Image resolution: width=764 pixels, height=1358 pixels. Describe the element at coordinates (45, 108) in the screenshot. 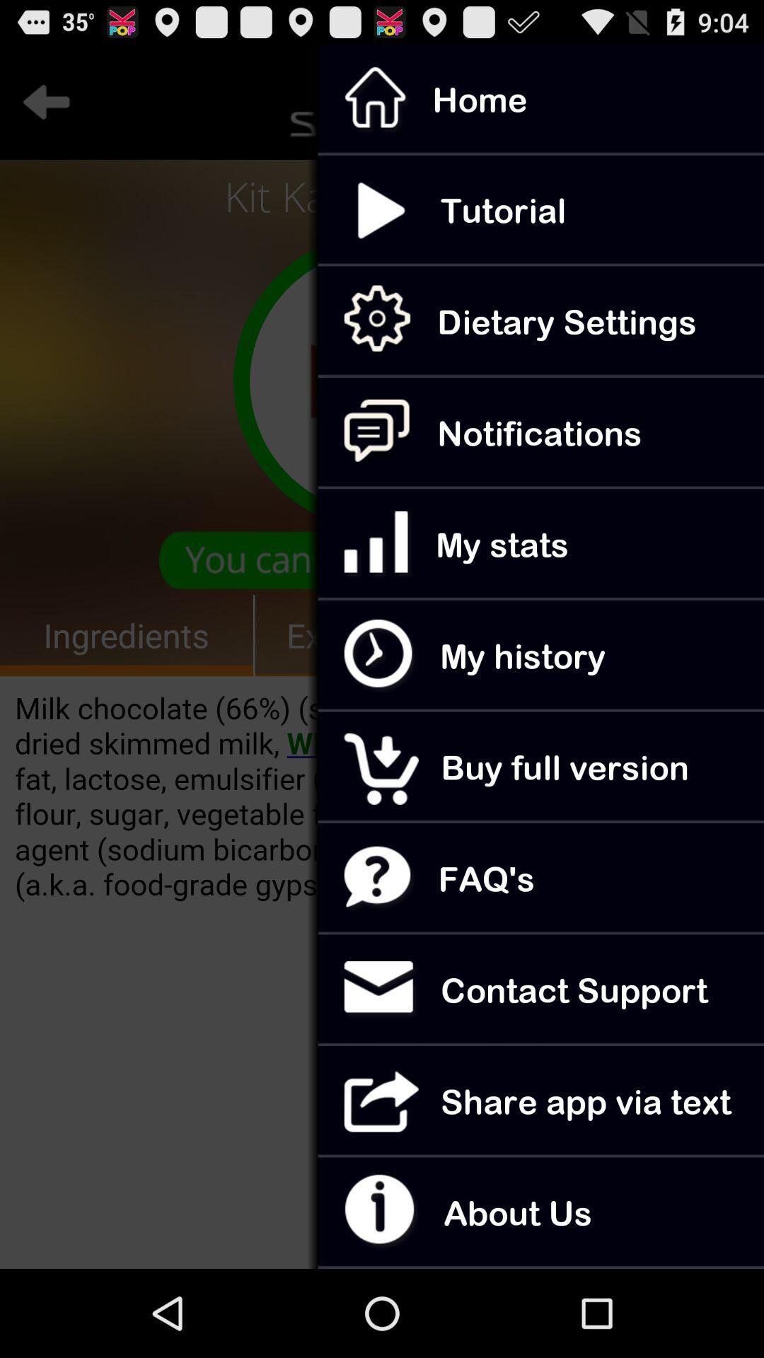

I see `the arrow_backward icon` at that location.